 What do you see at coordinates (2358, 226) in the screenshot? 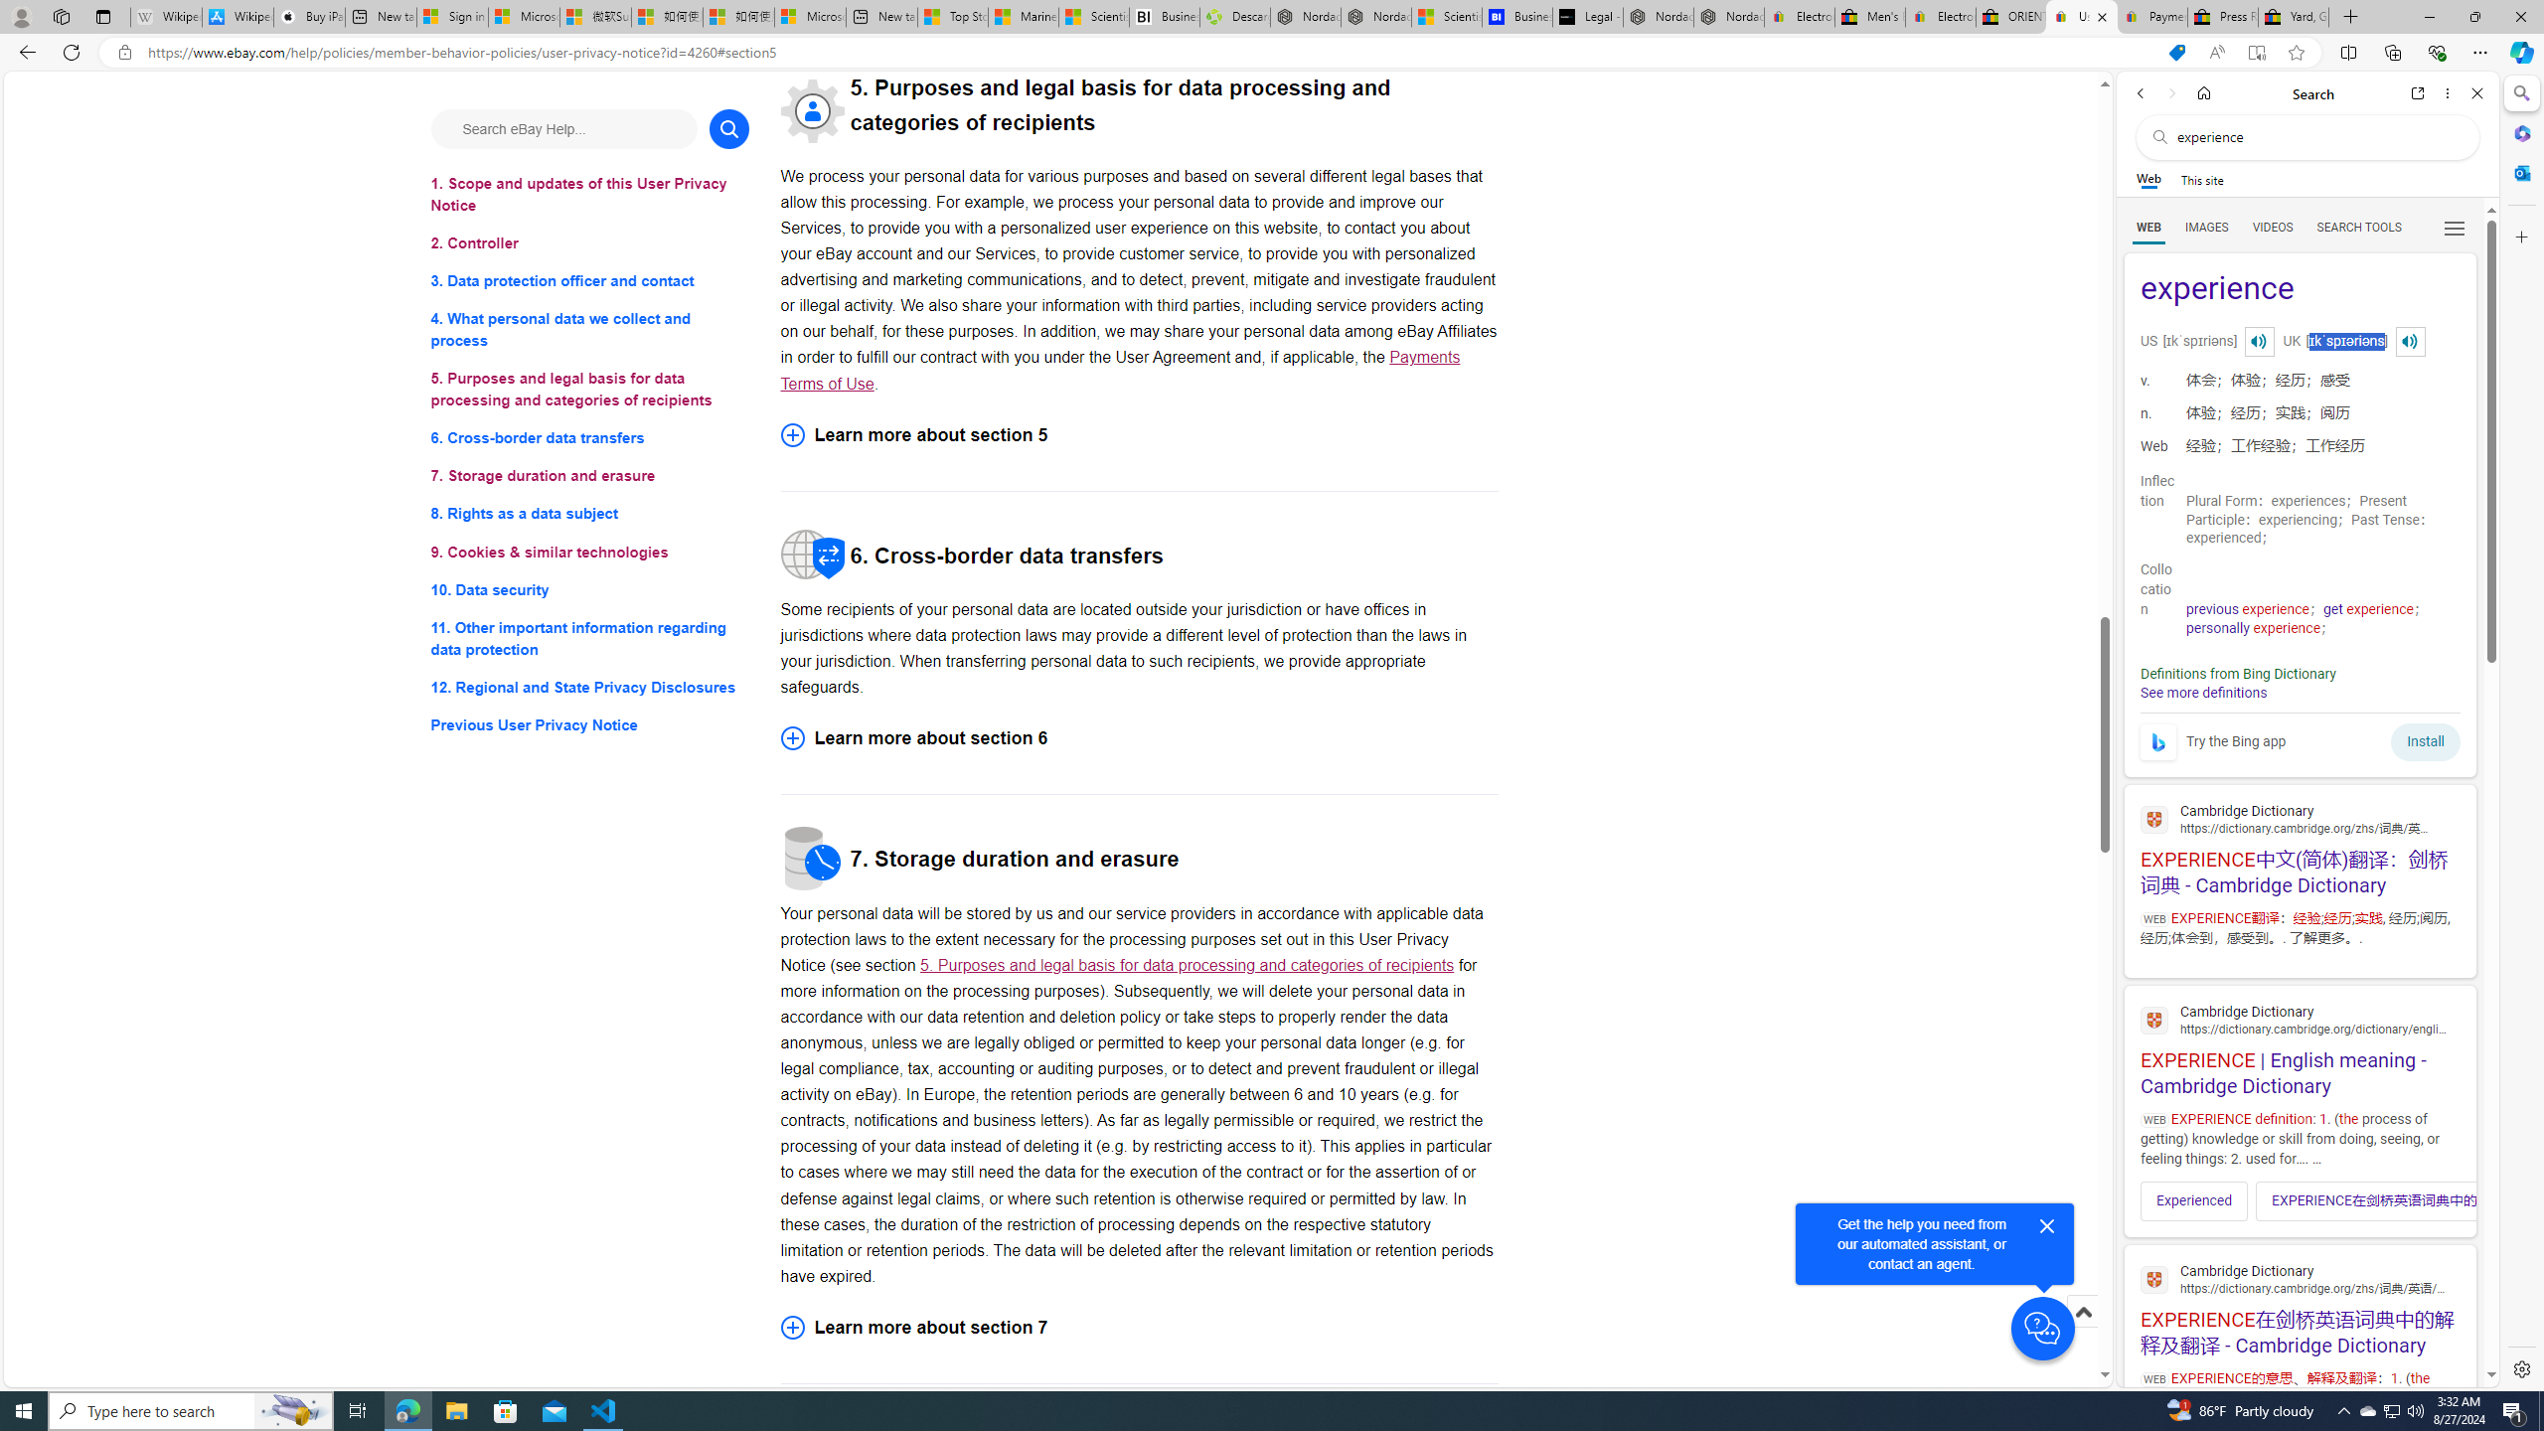
I see `'Search Filter, Search Tools'` at bounding box center [2358, 226].